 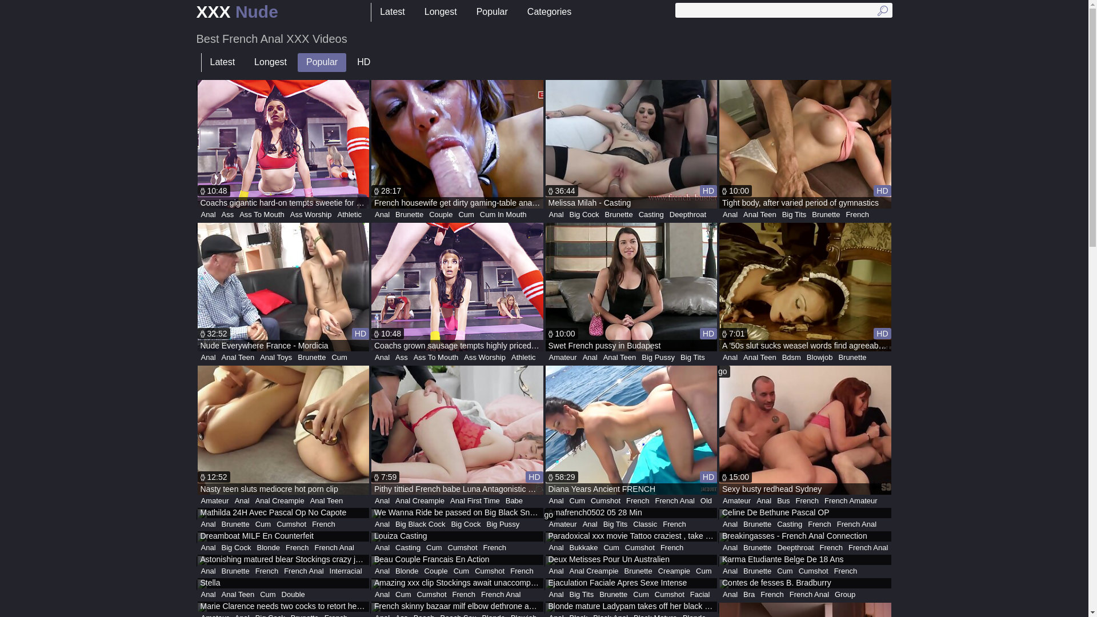 What do you see at coordinates (502, 524) in the screenshot?
I see `'Big Pussy'` at bounding box center [502, 524].